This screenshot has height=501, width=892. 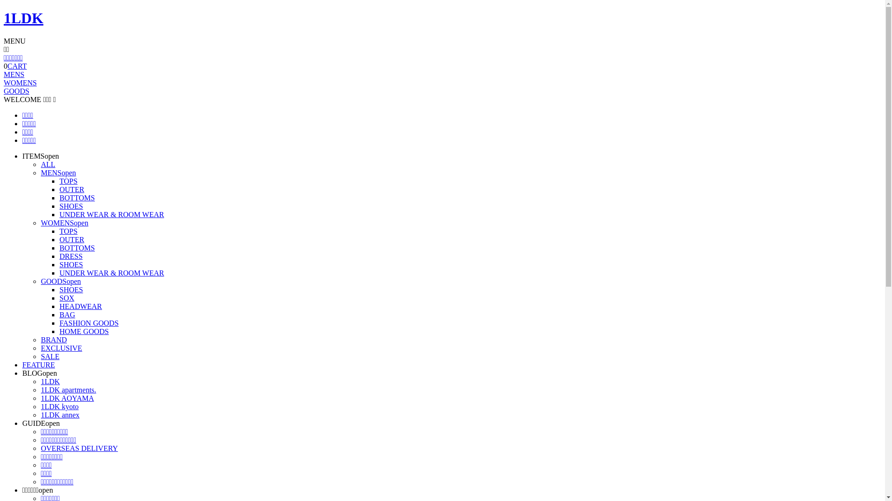 What do you see at coordinates (40, 281) in the screenshot?
I see `'GOODSopen'` at bounding box center [40, 281].